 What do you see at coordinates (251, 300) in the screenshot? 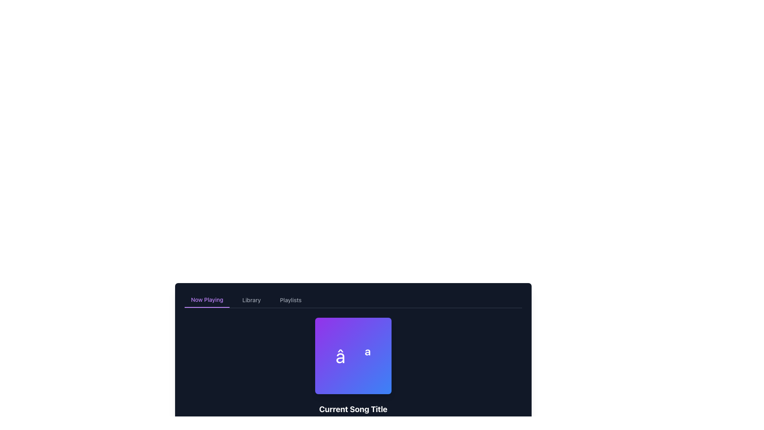
I see `the 'Library' clickable text label to change its color from gray to purple` at bounding box center [251, 300].